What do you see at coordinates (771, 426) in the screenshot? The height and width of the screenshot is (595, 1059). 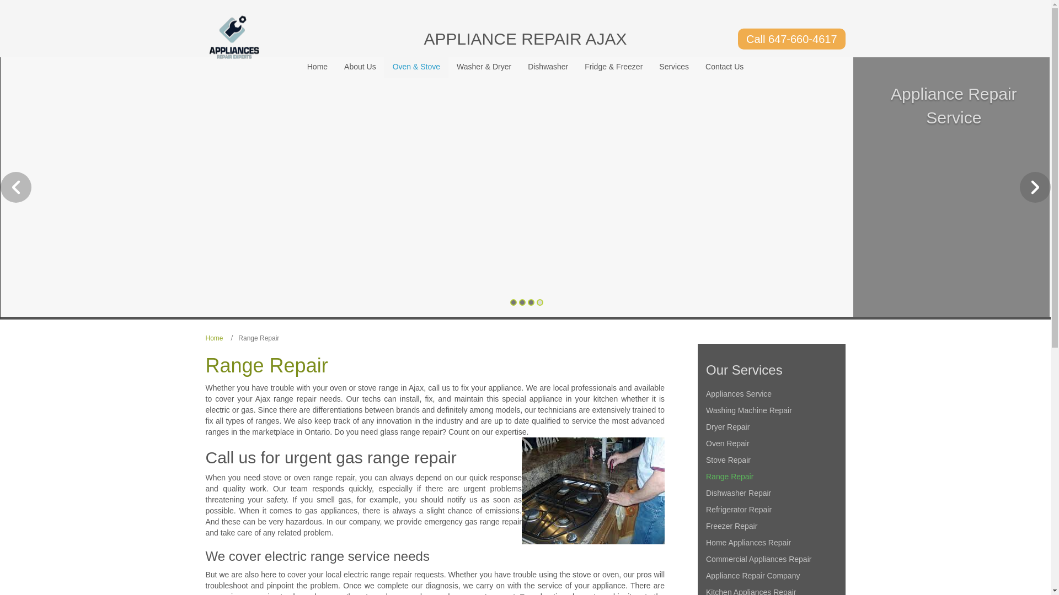 I see `'Dryer Repair'` at bounding box center [771, 426].